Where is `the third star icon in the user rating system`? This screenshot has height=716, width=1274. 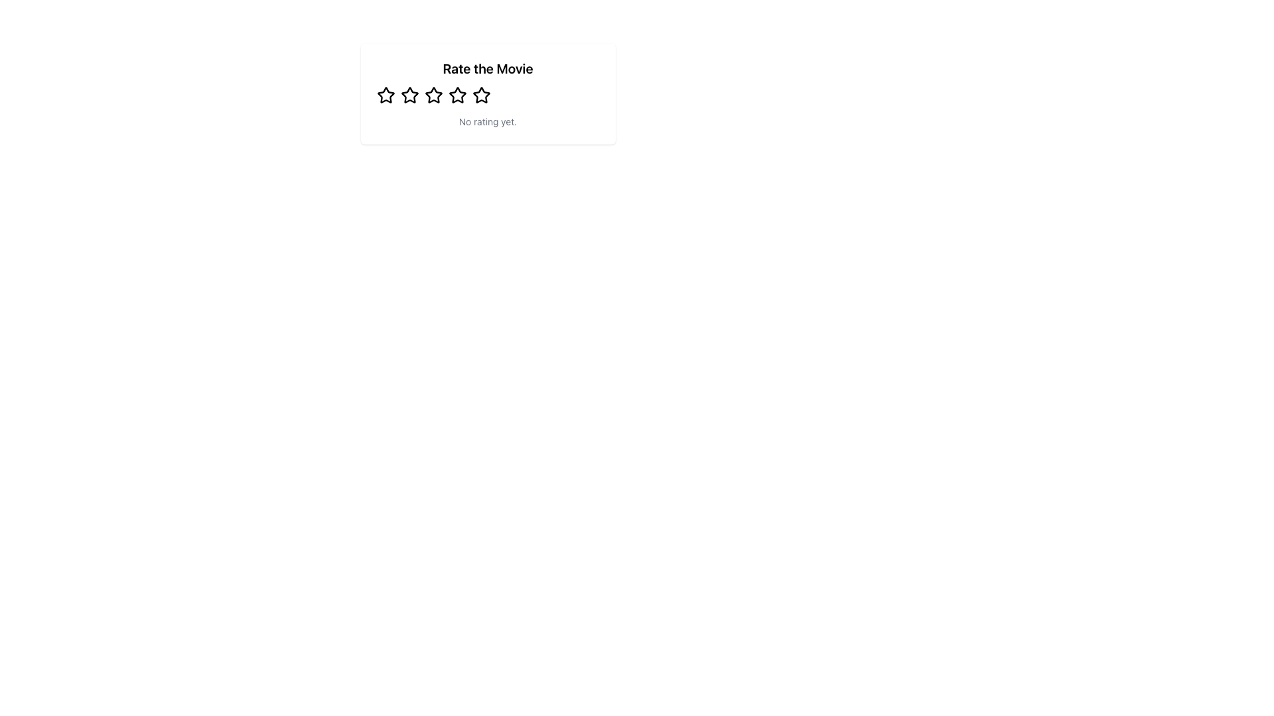 the third star icon in the user rating system is located at coordinates (457, 94).